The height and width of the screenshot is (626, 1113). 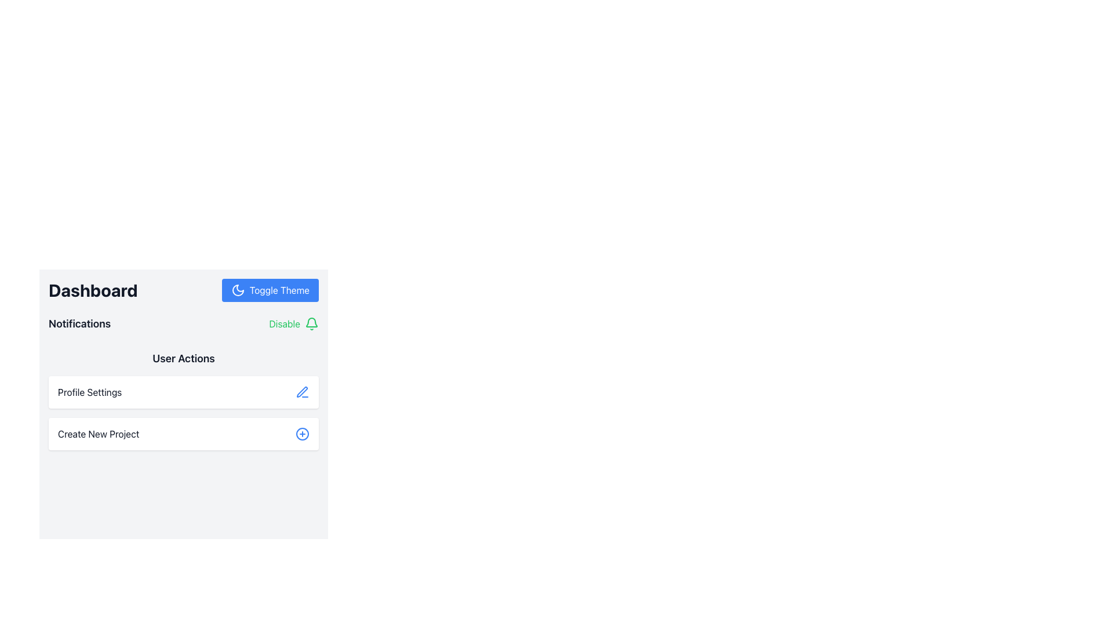 What do you see at coordinates (311, 324) in the screenshot?
I see `the notification icon located near the top-right corner of the widget section, adjacent to the 'Disable' text label` at bounding box center [311, 324].